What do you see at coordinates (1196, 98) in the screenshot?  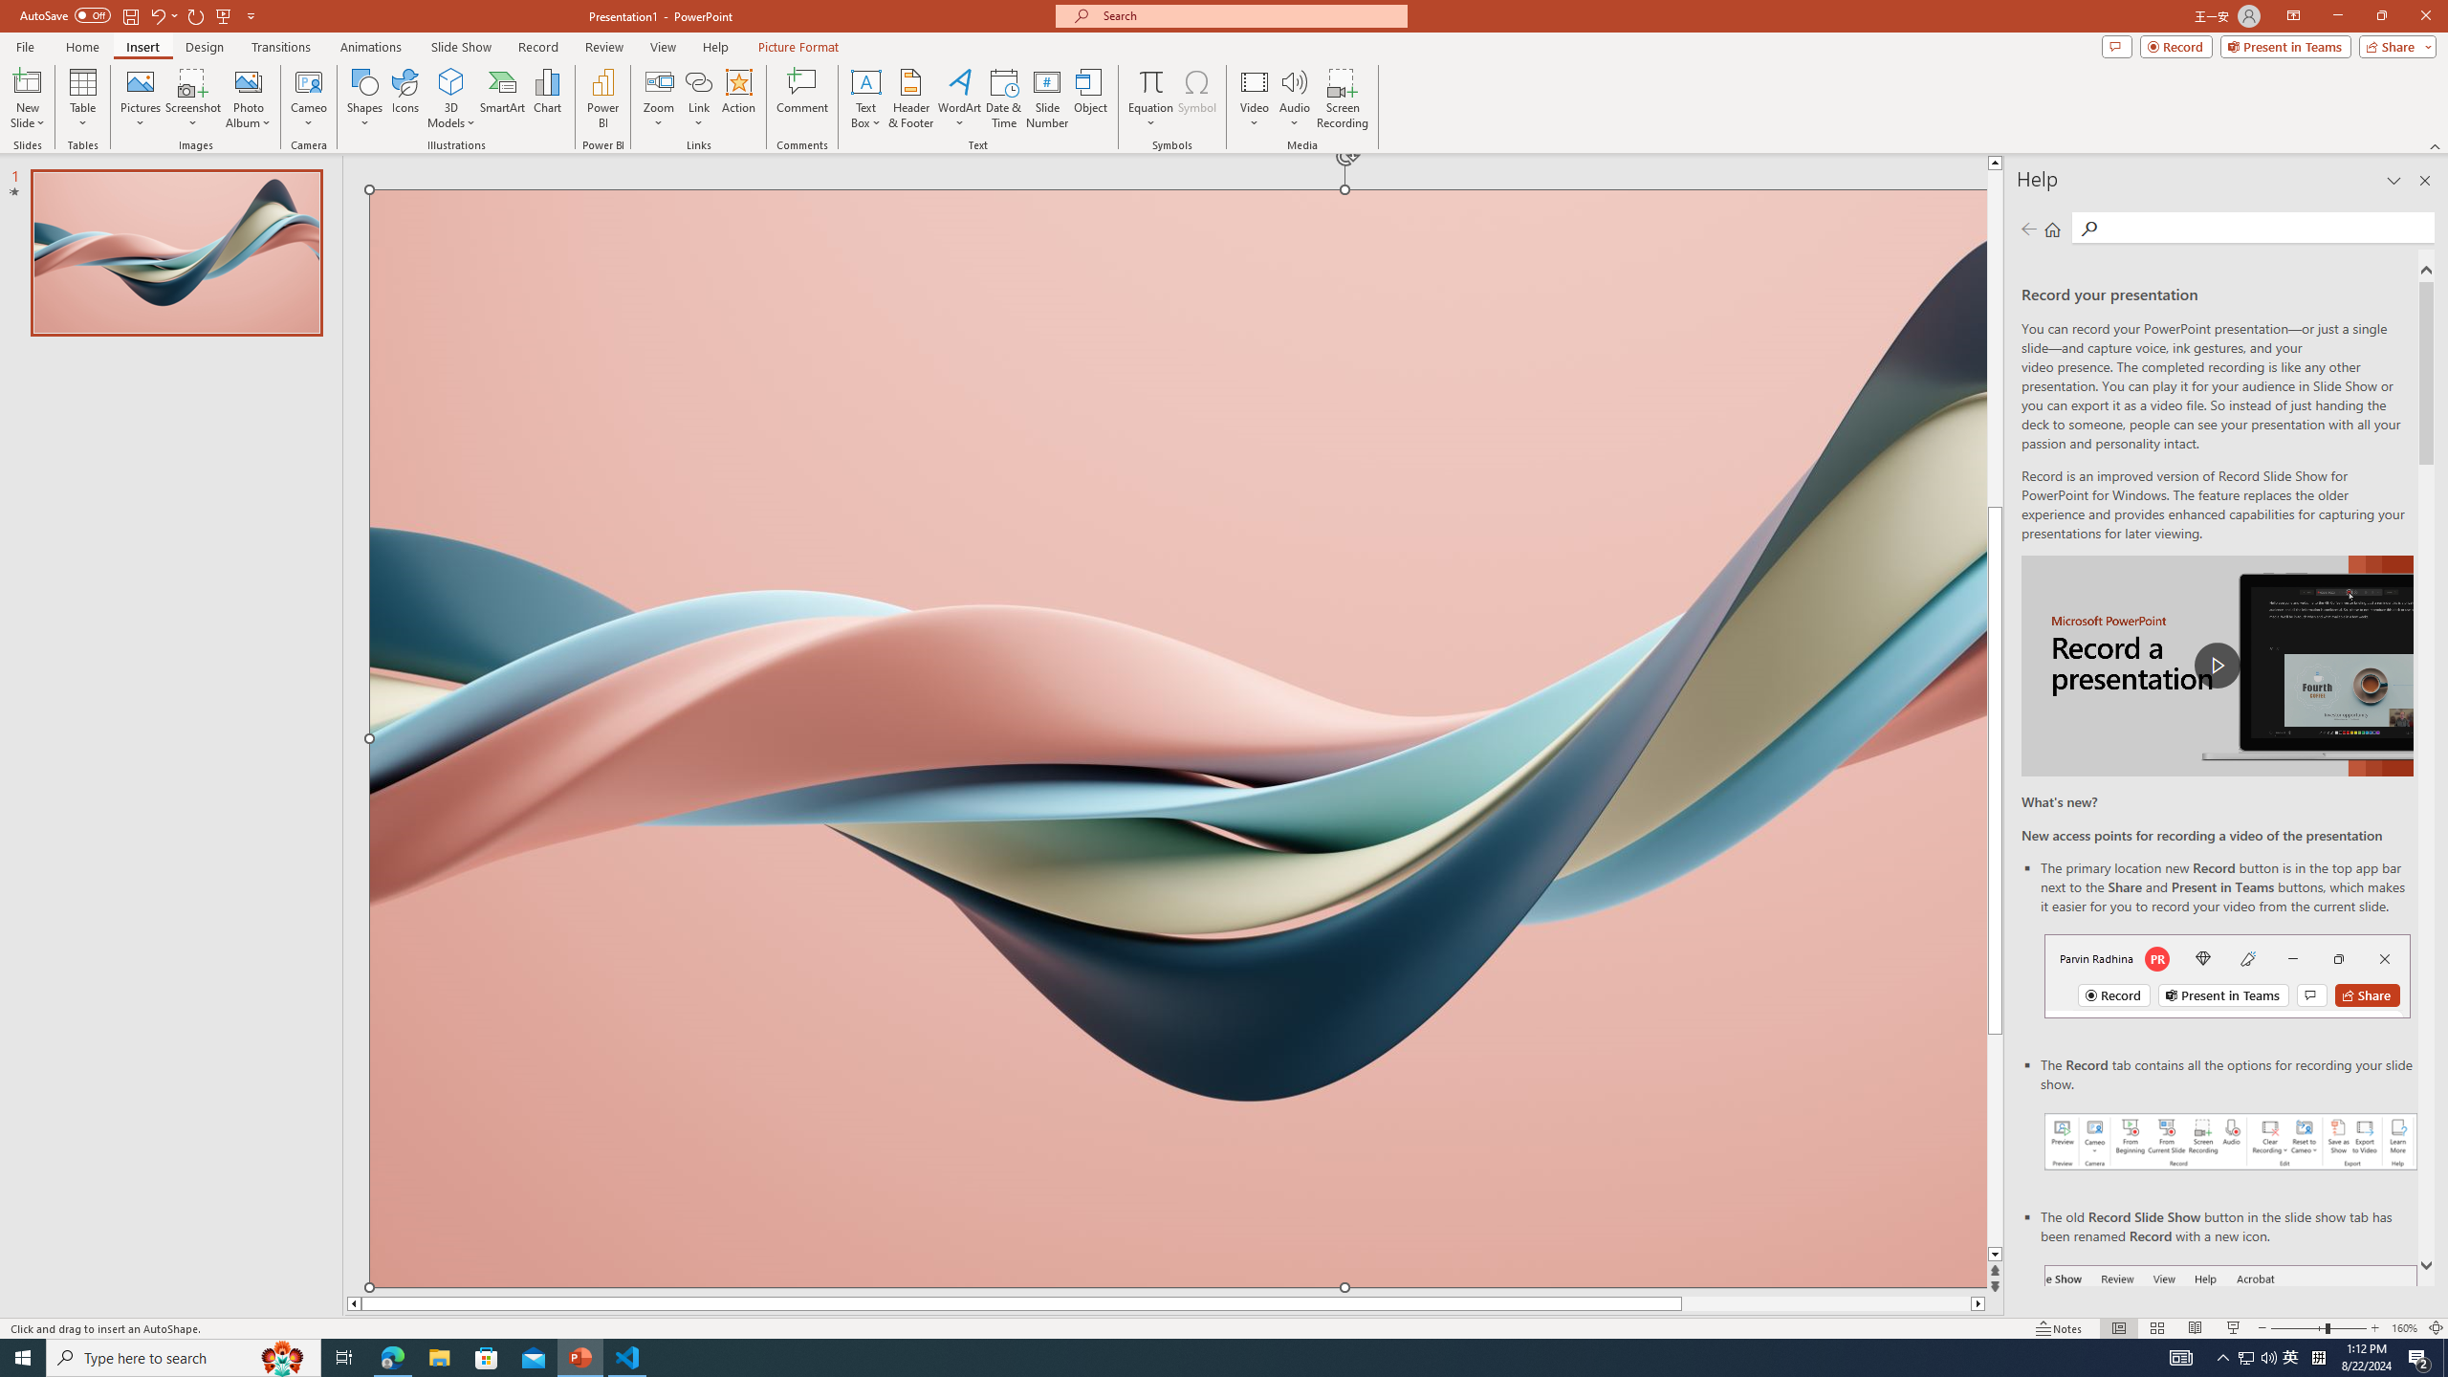 I see `'Symbol...'` at bounding box center [1196, 98].